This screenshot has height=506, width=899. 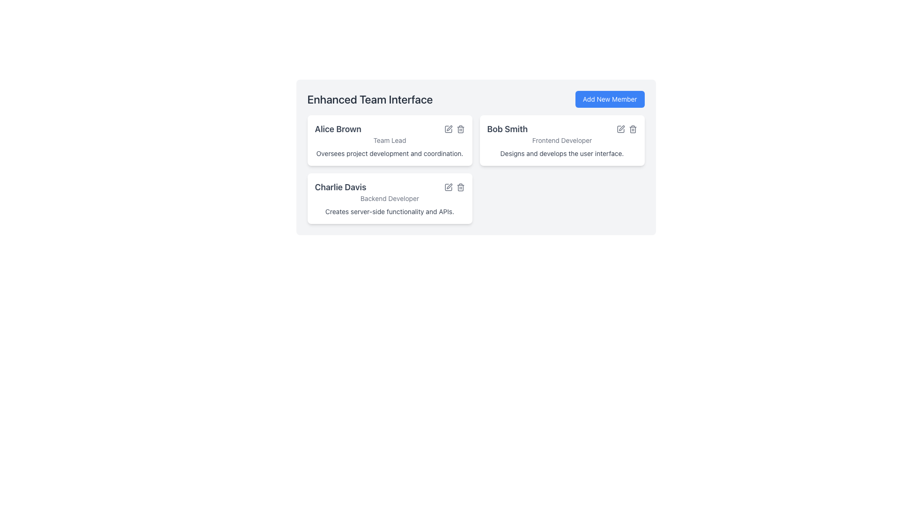 I want to click on the edit button located in the top-right corner of the card labeled 'Alice Brown', so click(x=448, y=129).